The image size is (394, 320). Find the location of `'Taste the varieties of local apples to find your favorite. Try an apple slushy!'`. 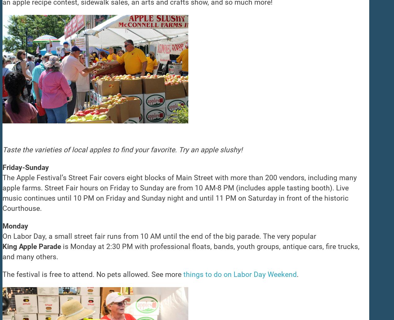

'Taste the varieties of local apples to find your favorite. Try an apple slushy!' is located at coordinates (122, 149).